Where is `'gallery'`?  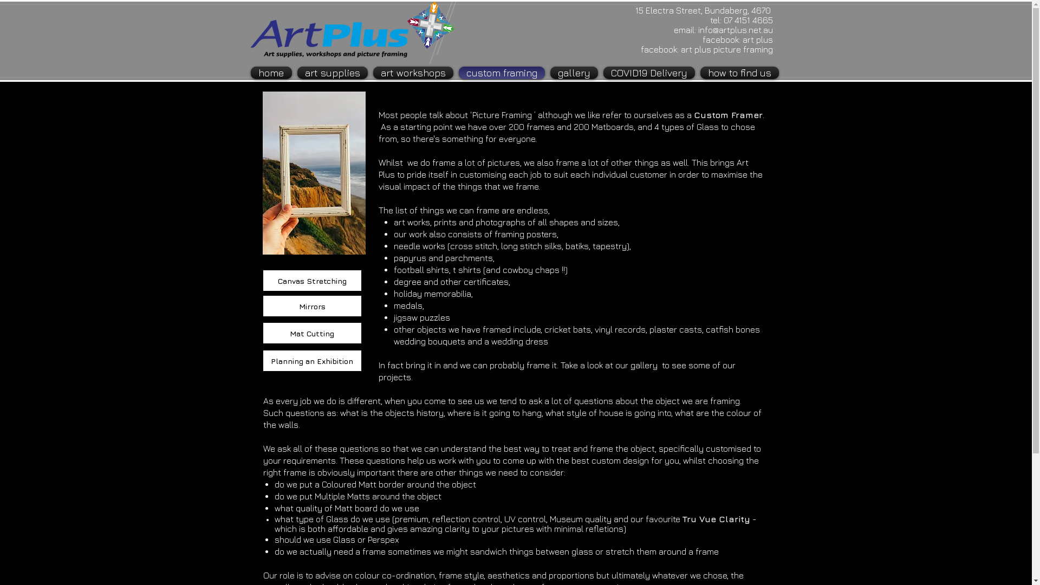
'gallery' is located at coordinates (573, 73).